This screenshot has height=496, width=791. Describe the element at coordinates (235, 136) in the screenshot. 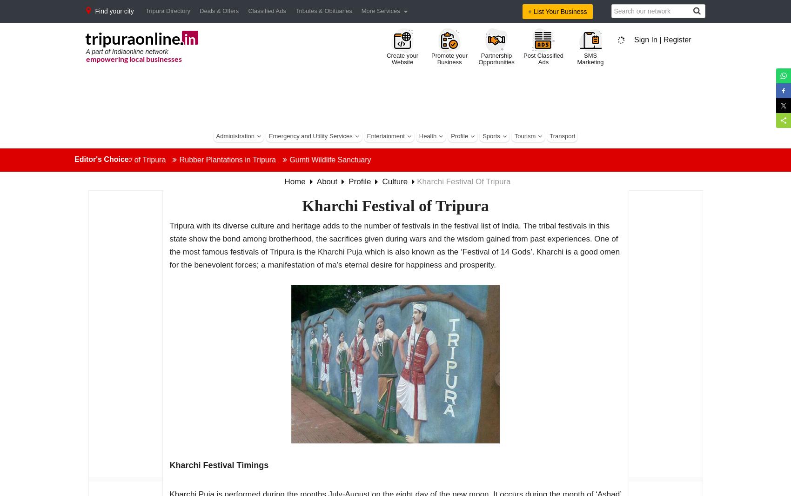

I see `'Administration'` at that location.